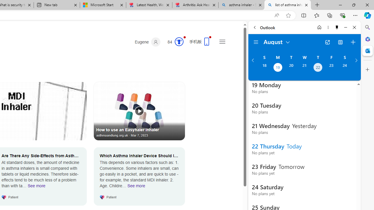 This screenshot has height=210, width=374. I want to click on 'Animation', so click(184, 37).